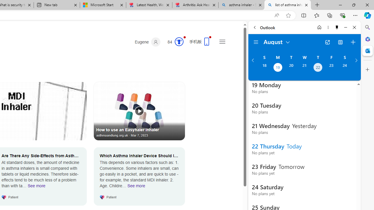 This screenshot has height=210, width=374. I want to click on 'Animation', so click(184, 37).